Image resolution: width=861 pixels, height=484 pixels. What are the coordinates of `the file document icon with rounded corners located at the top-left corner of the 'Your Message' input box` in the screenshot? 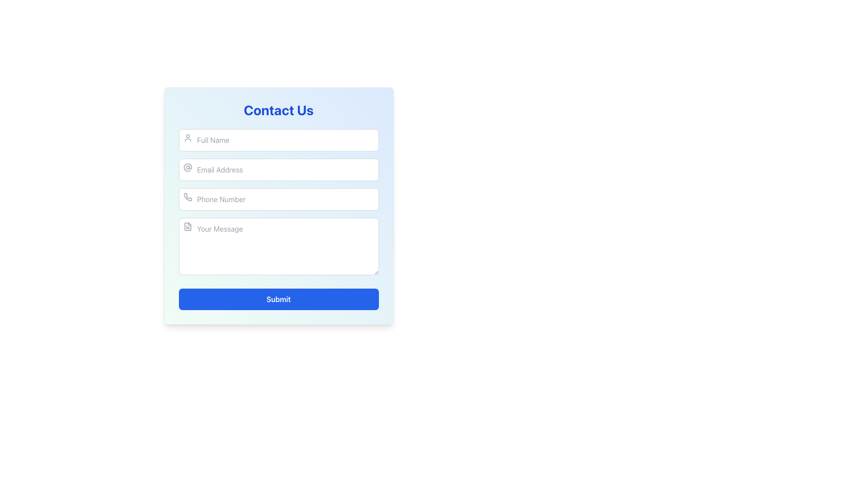 It's located at (187, 226).